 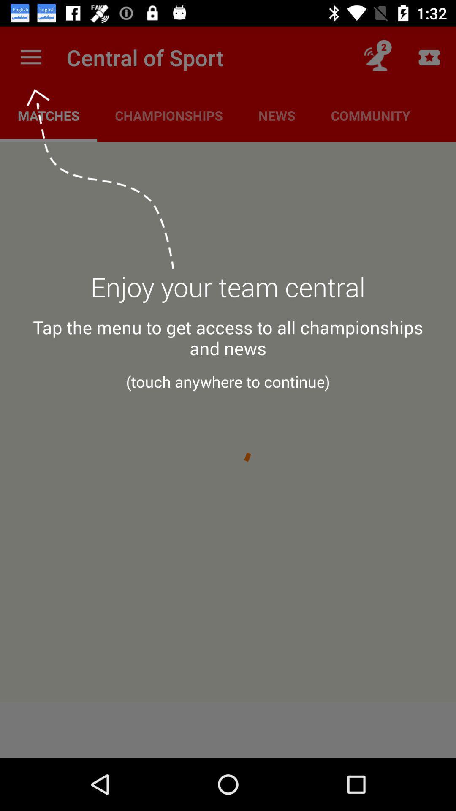 I want to click on the app above the tap the menu app, so click(x=228, y=292).